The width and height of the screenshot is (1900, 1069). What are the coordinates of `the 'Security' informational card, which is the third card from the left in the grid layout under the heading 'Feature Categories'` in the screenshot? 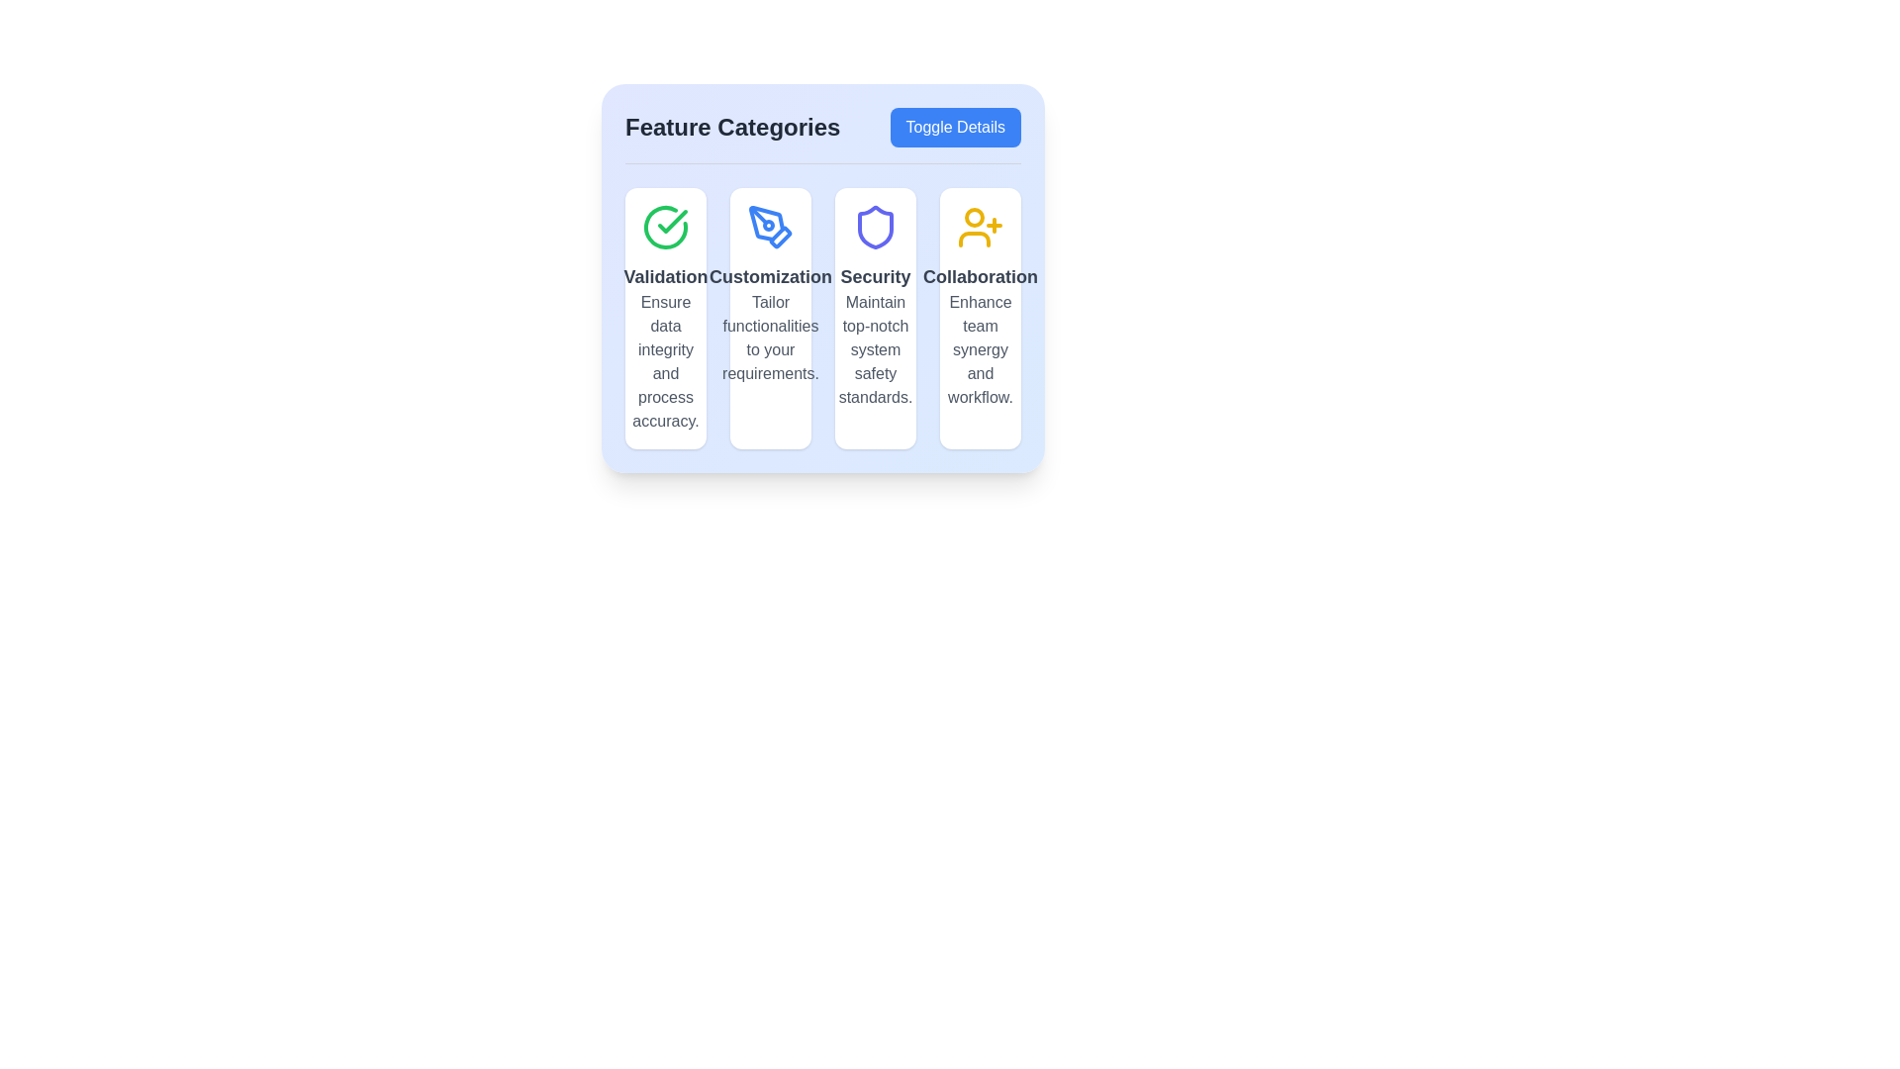 It's located at (874, 317).